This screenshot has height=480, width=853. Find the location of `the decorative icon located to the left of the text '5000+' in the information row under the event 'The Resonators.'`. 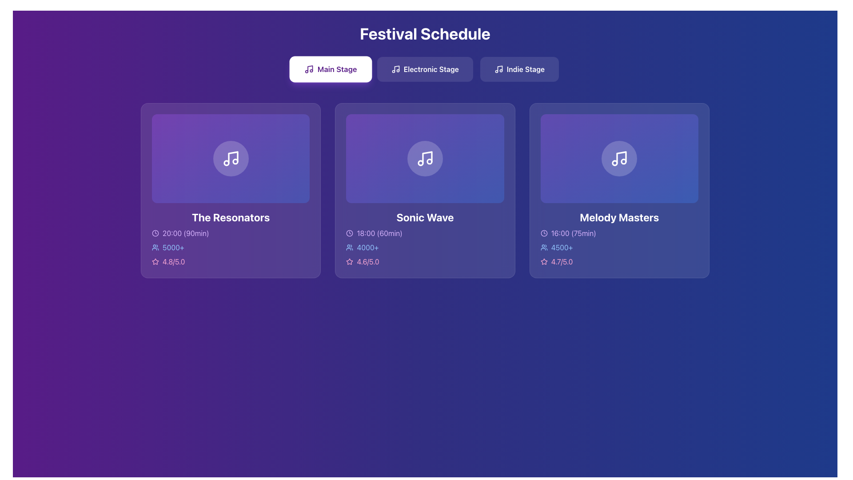

the decorative icon located to the left of the text '5000+' in the information row under the event 'The Resonators.' is located at coordinates (155, 247).